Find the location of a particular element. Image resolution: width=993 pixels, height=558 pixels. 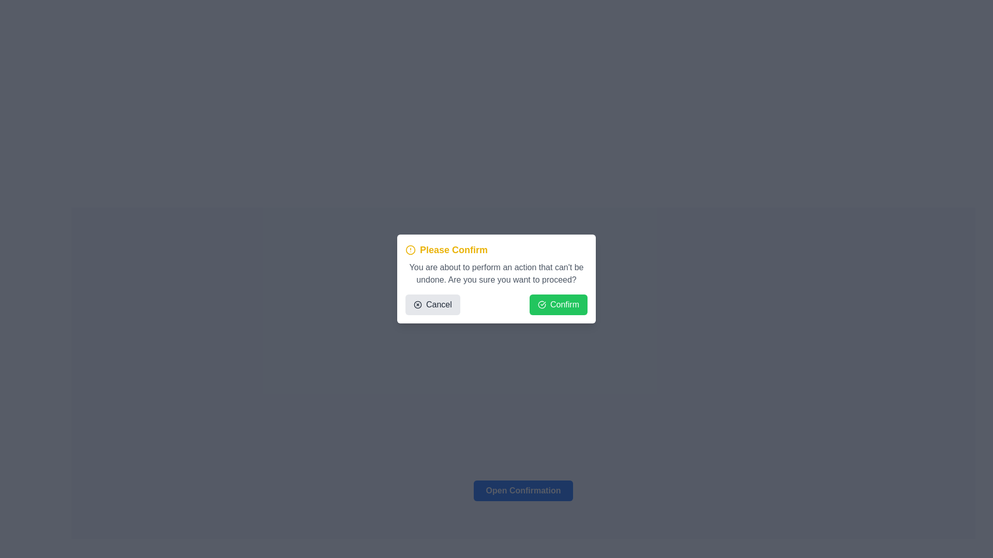

descriptive text in the modal dialog that has a header with 'Please Confirm' and contains 'Cancel' and 'Confirm' buttons is located at coordinates (496, 279).